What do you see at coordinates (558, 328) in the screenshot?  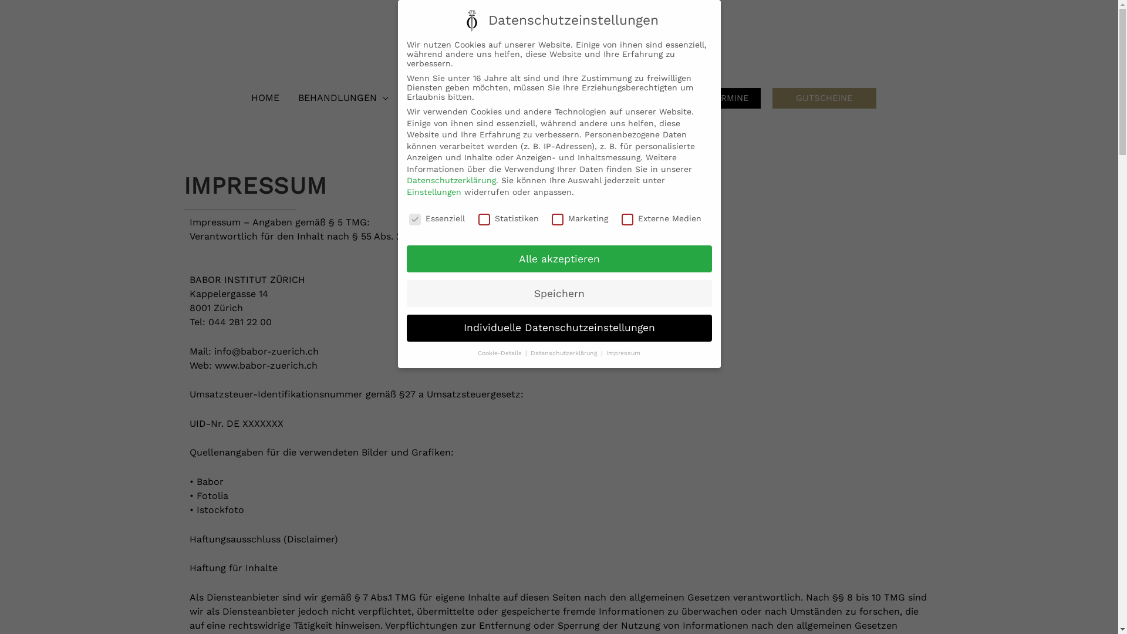 I see `'Individuelle Datenschutzeinstellungen'` at bounding box center [558, 328].